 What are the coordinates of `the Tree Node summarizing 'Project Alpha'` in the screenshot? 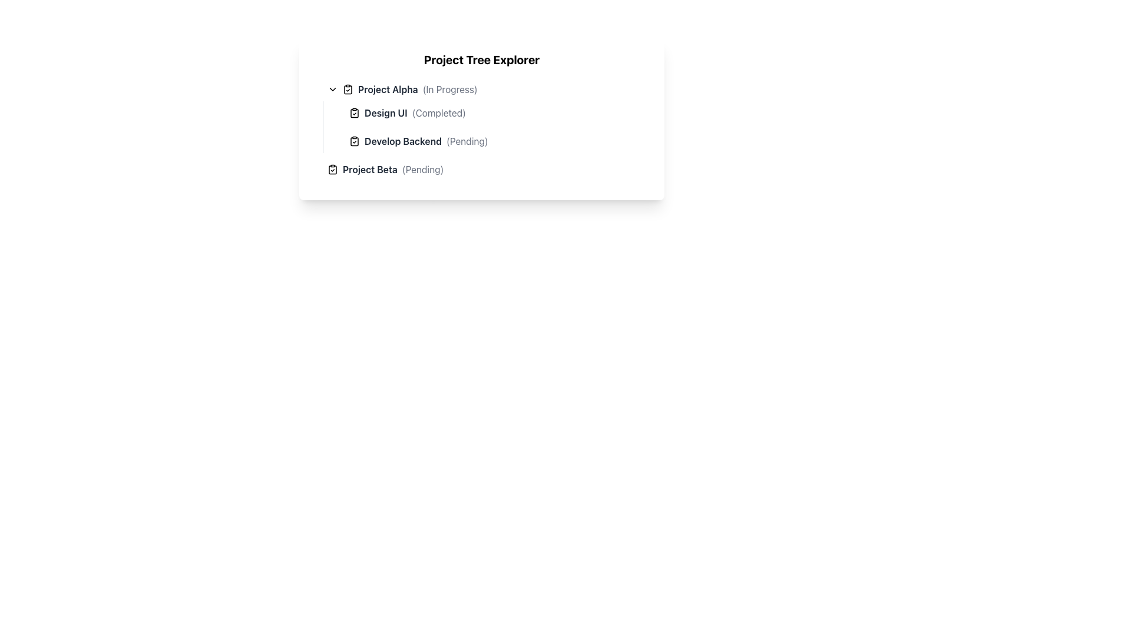 It's located at (486, 88).